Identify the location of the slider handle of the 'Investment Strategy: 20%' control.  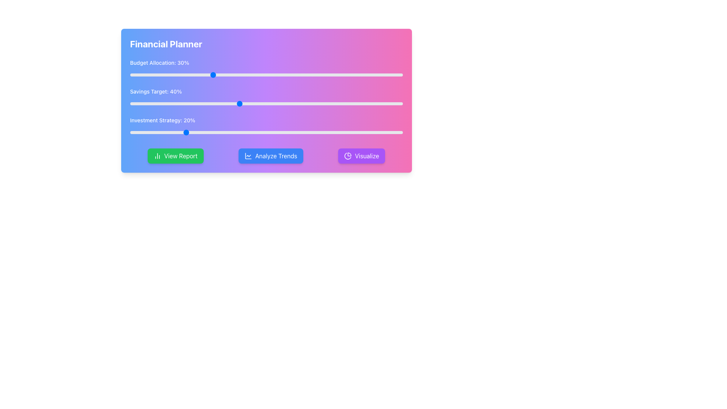
(266, 126).